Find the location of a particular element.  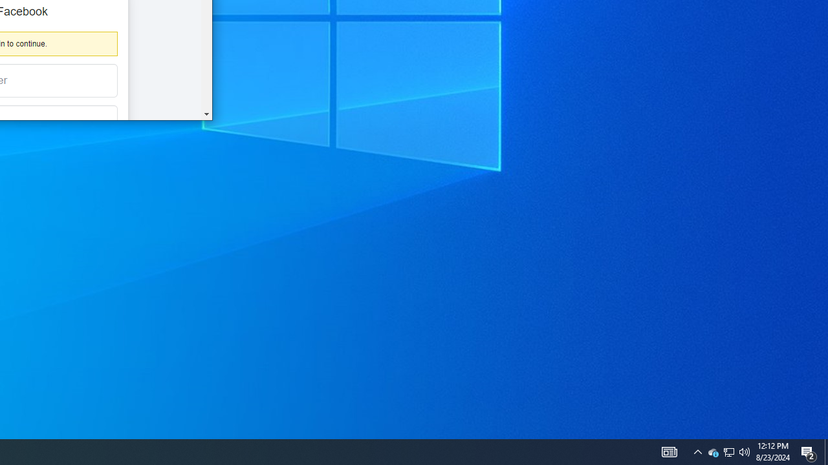

'Q2790: 100%' is located at coordinates (745, 451).